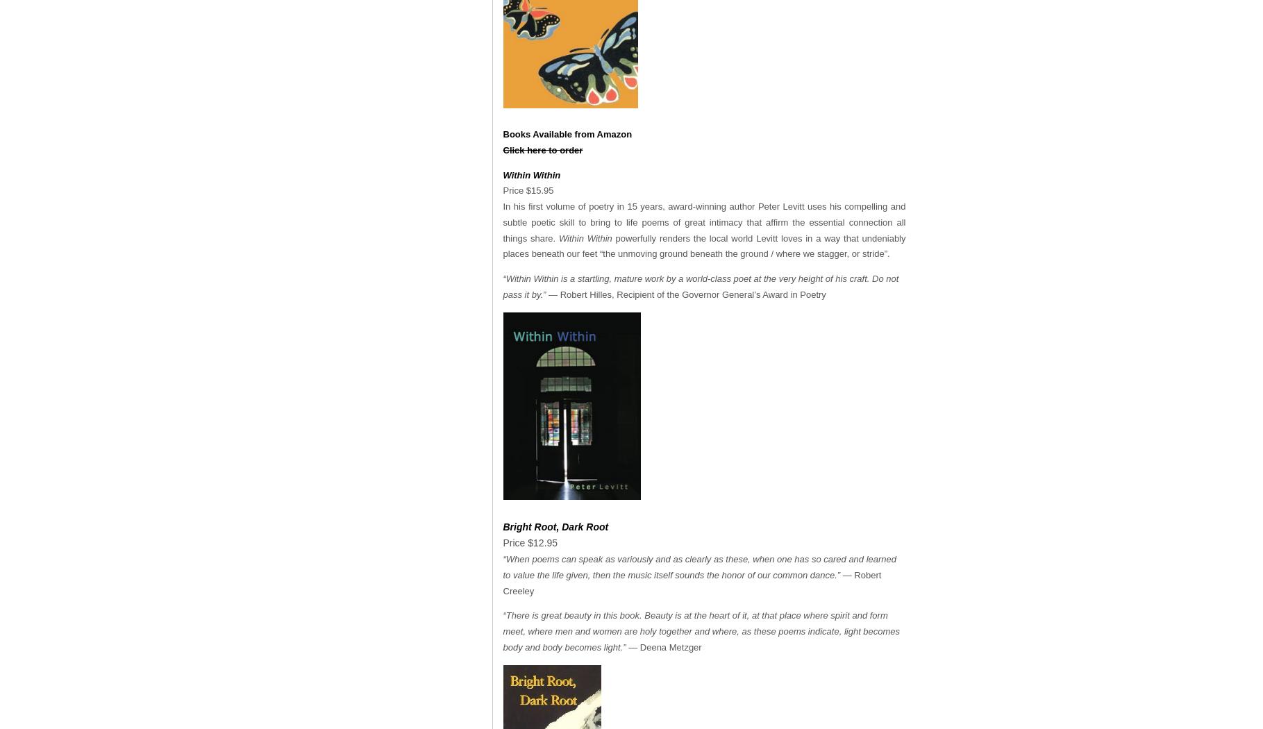 This screenshot has width=1263, height=729. I want to click on 'Price $15.95', so click(528, 190).